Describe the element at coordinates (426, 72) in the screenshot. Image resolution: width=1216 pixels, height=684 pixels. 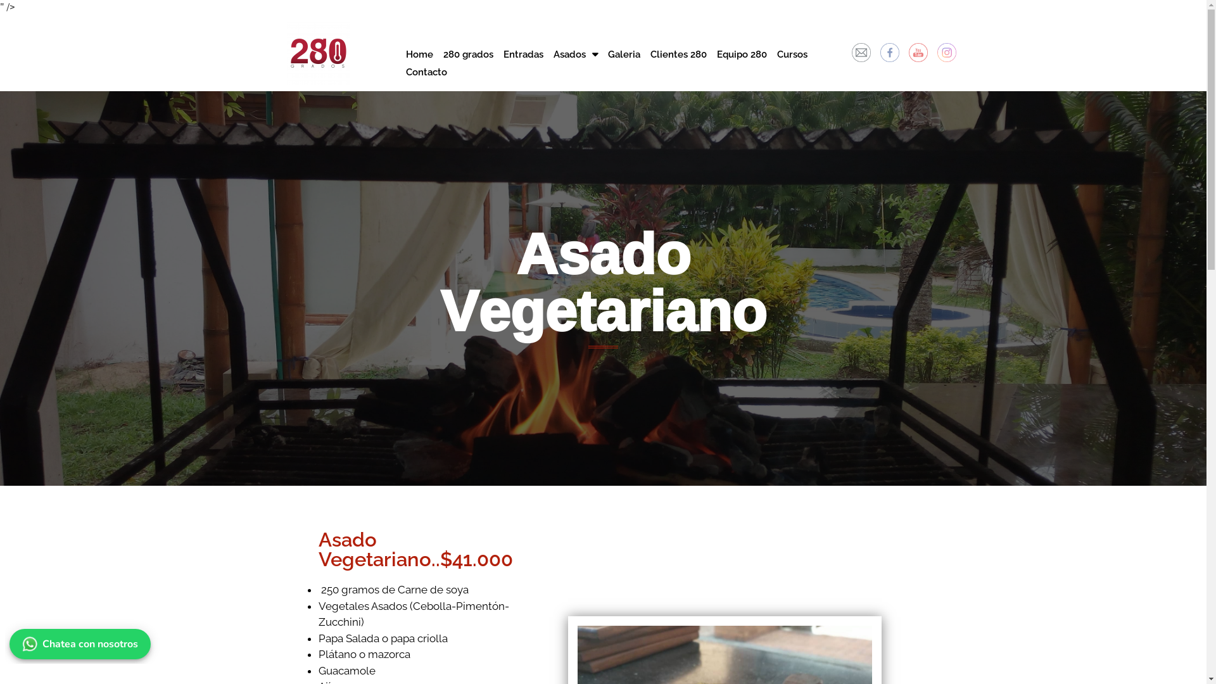
I see `'Contacto'` at that location.